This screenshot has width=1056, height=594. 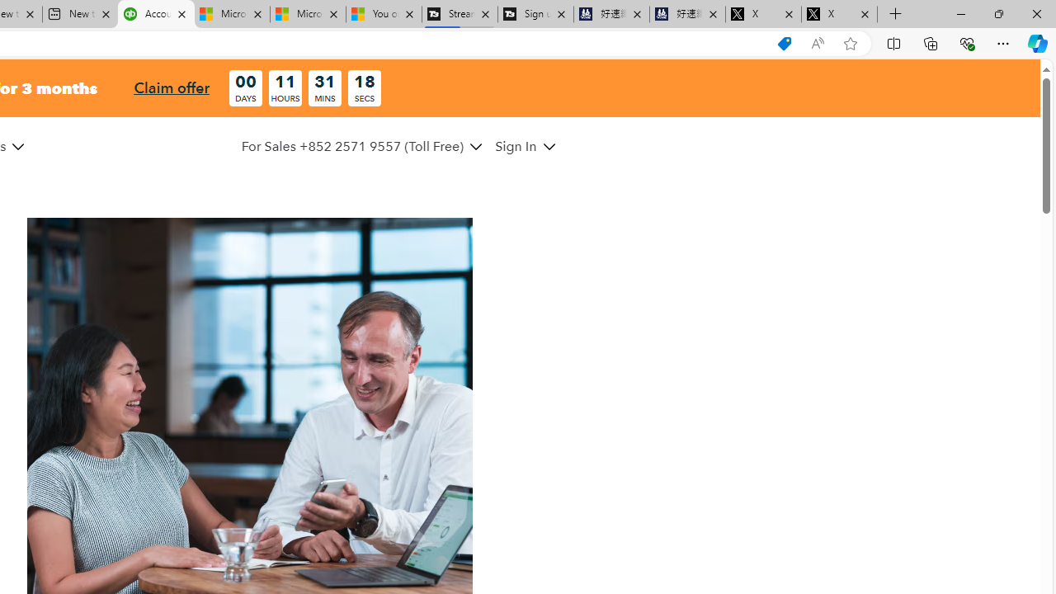 What do you see at coordinates (230, 14) in the screenshot?
I see `'Microsoft Start Sports'` at bounding box center [230, 14].